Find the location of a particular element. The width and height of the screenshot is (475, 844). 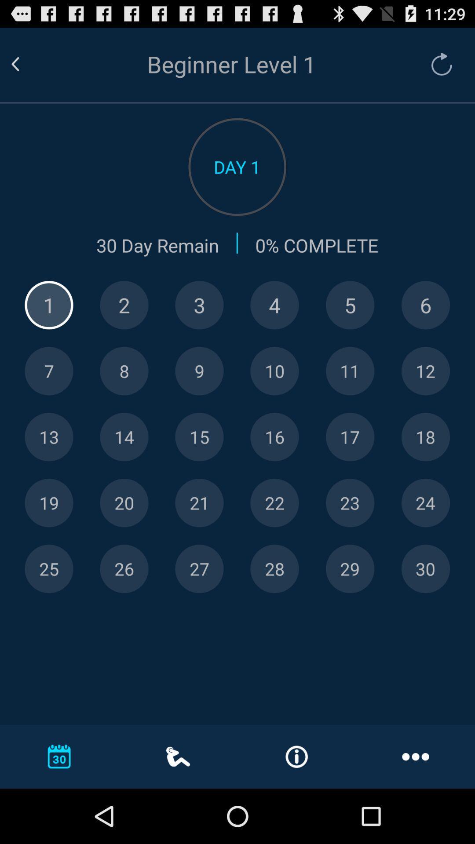

the refresh icon is located at coordinates (437, 68).